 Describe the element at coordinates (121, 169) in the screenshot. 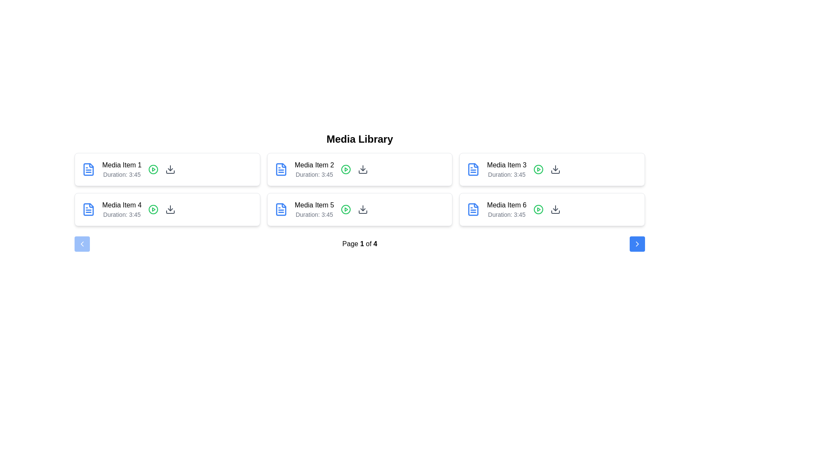

I see `the text label that provides the name and duration of the media item located in the first card on the top-left corner of the media library section` at that location.